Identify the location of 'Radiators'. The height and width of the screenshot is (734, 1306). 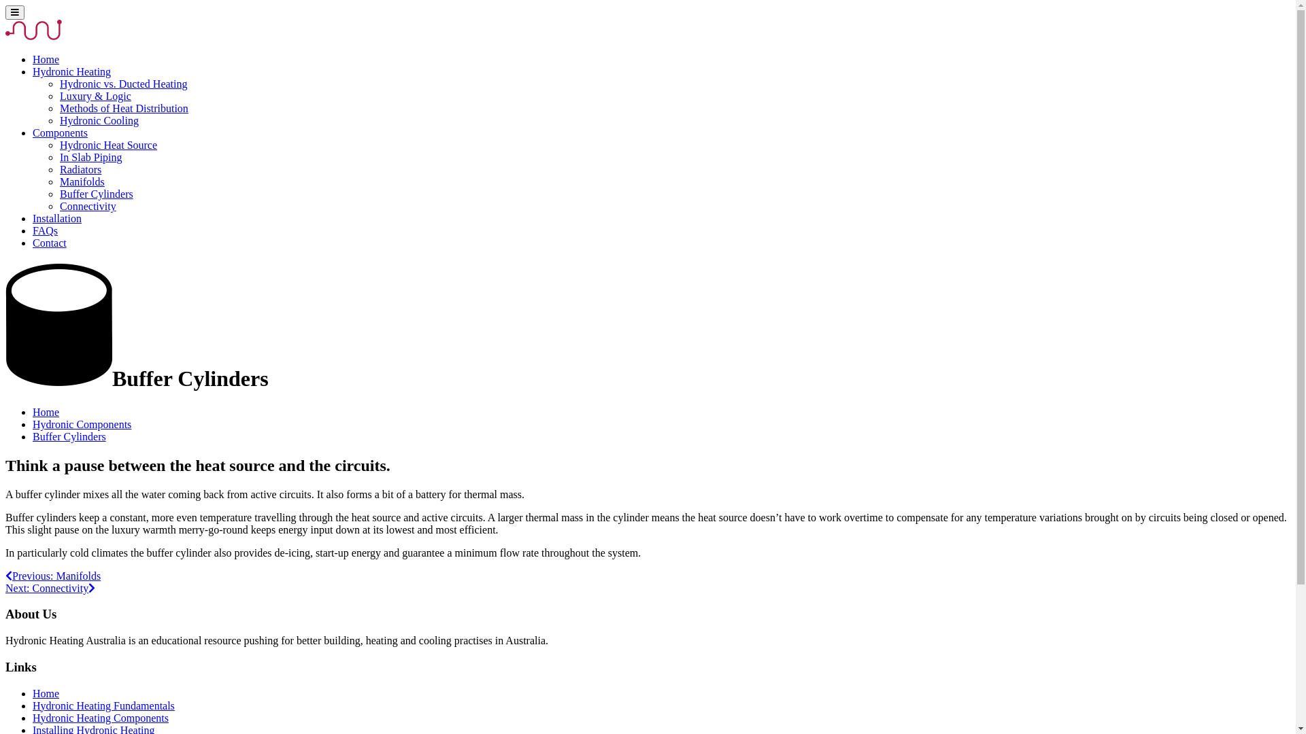
(80, 169).